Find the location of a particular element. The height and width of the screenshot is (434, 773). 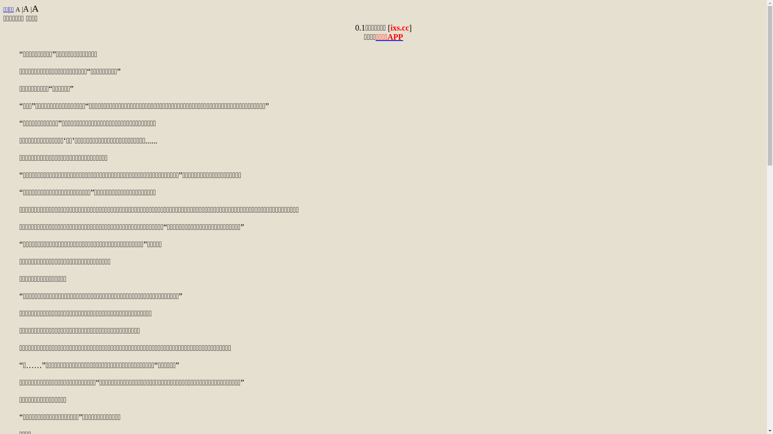

'A' is located at coordinates (15, 9).